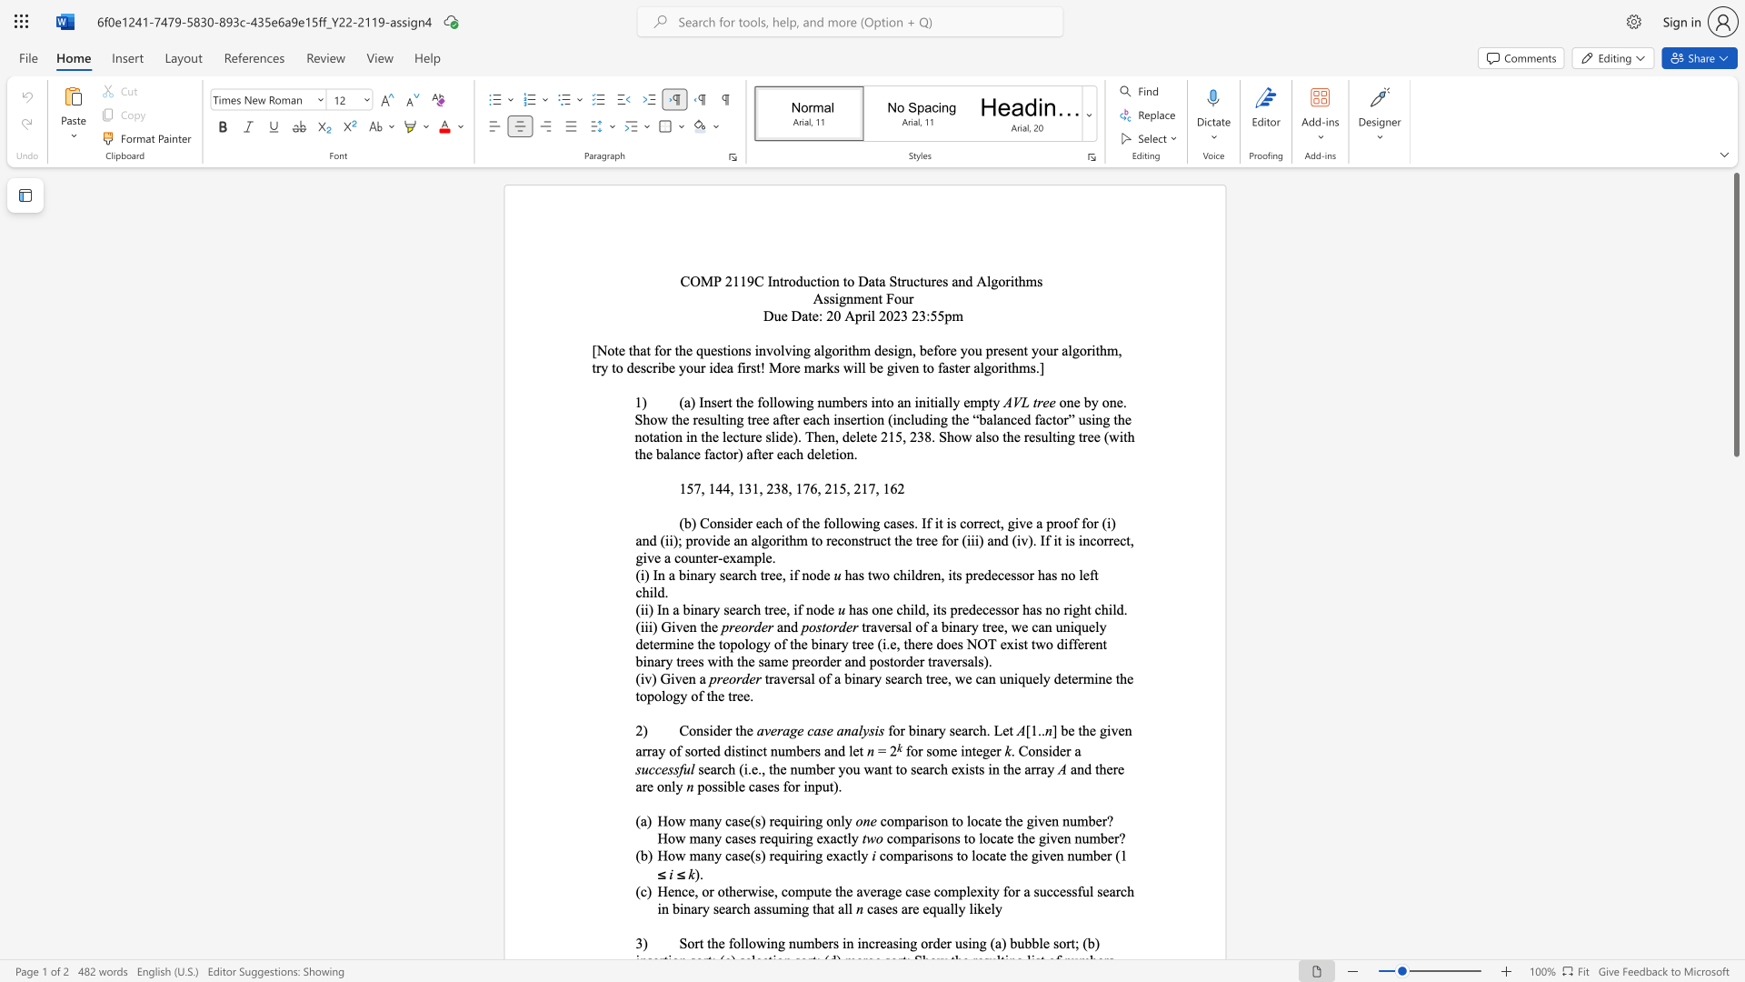 This screenshot has height=982, width=1745. What do you see at coordinates (914, 575) in the screenshot?
I see `the subset text "dr" within the text "has two children, its predecessor has no left child."` at bounding box center [914, 575].